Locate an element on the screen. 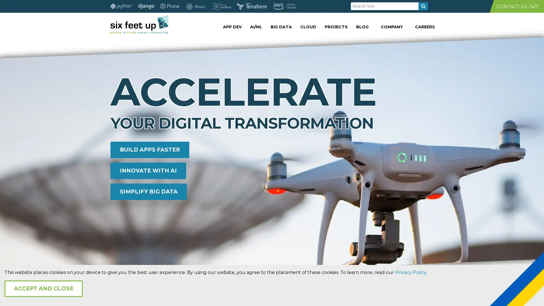 This screenshot has height=306, width=544. Blog is located at coordinates (434, 26).